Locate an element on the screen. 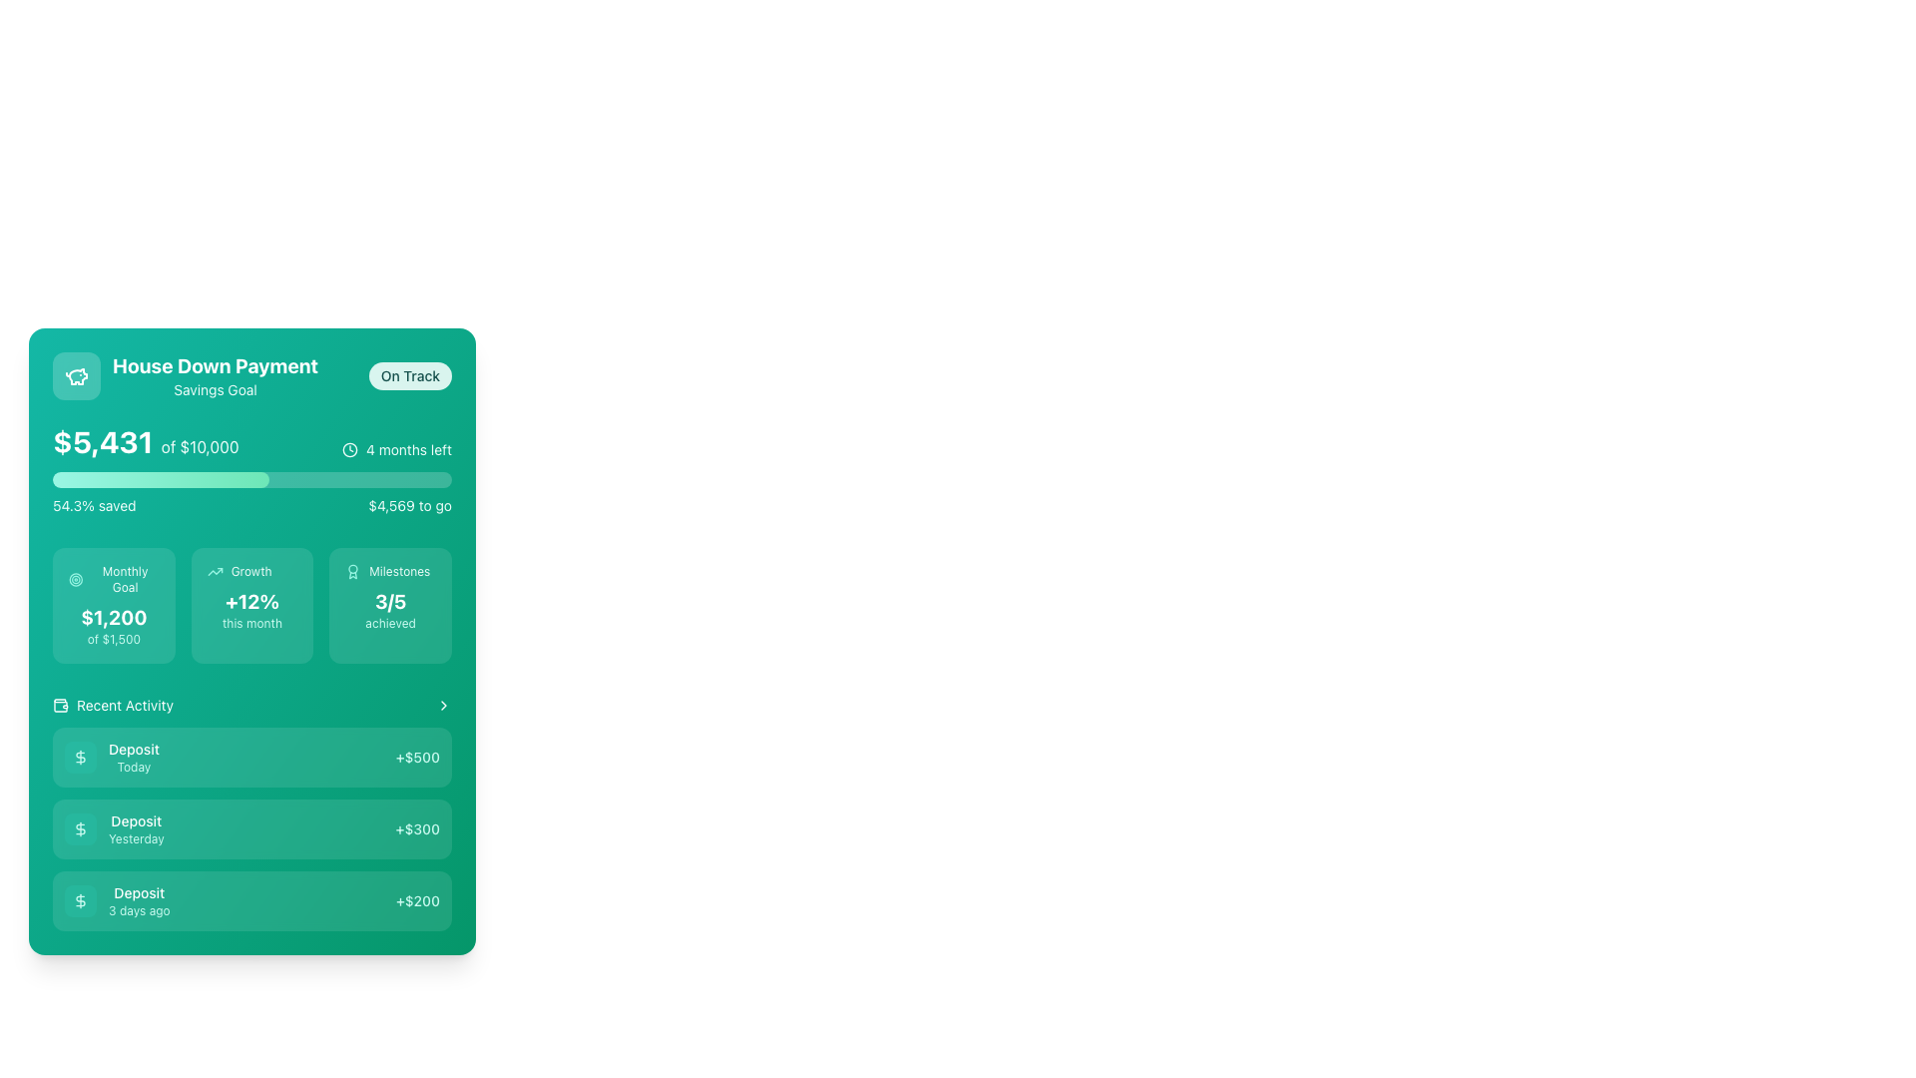 Image resolution: width=1916 pixels, height=1078 pixels. static text label displaying 'of $10,000' in light teal color, located immediately to the right of the bold-text '$5,431' is located at coordinates (200, 445).